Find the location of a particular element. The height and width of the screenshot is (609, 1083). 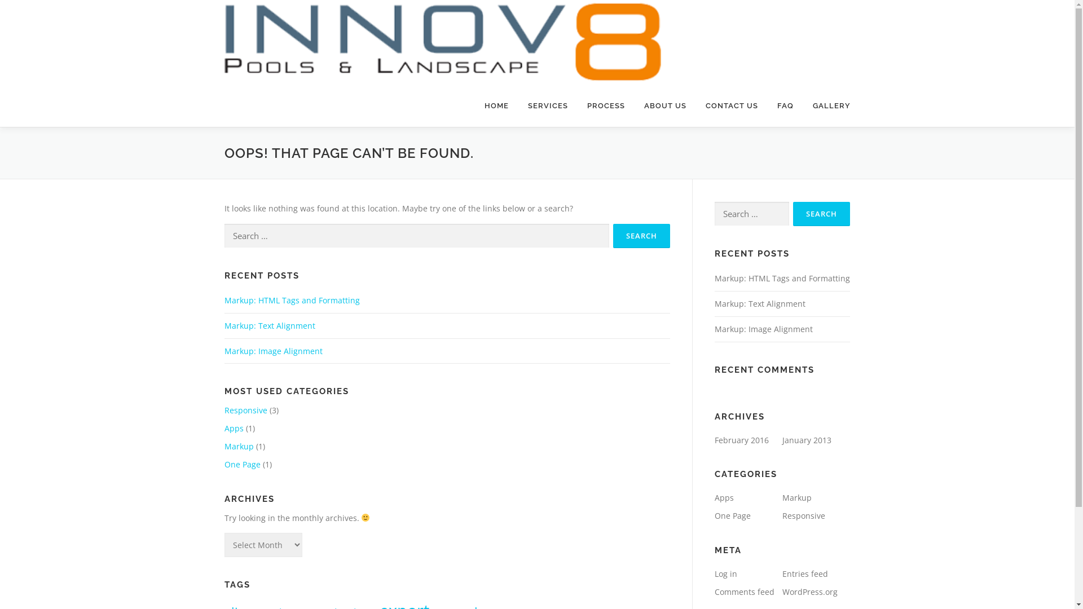

'Comments feed' is located at coordinates (744, 591).